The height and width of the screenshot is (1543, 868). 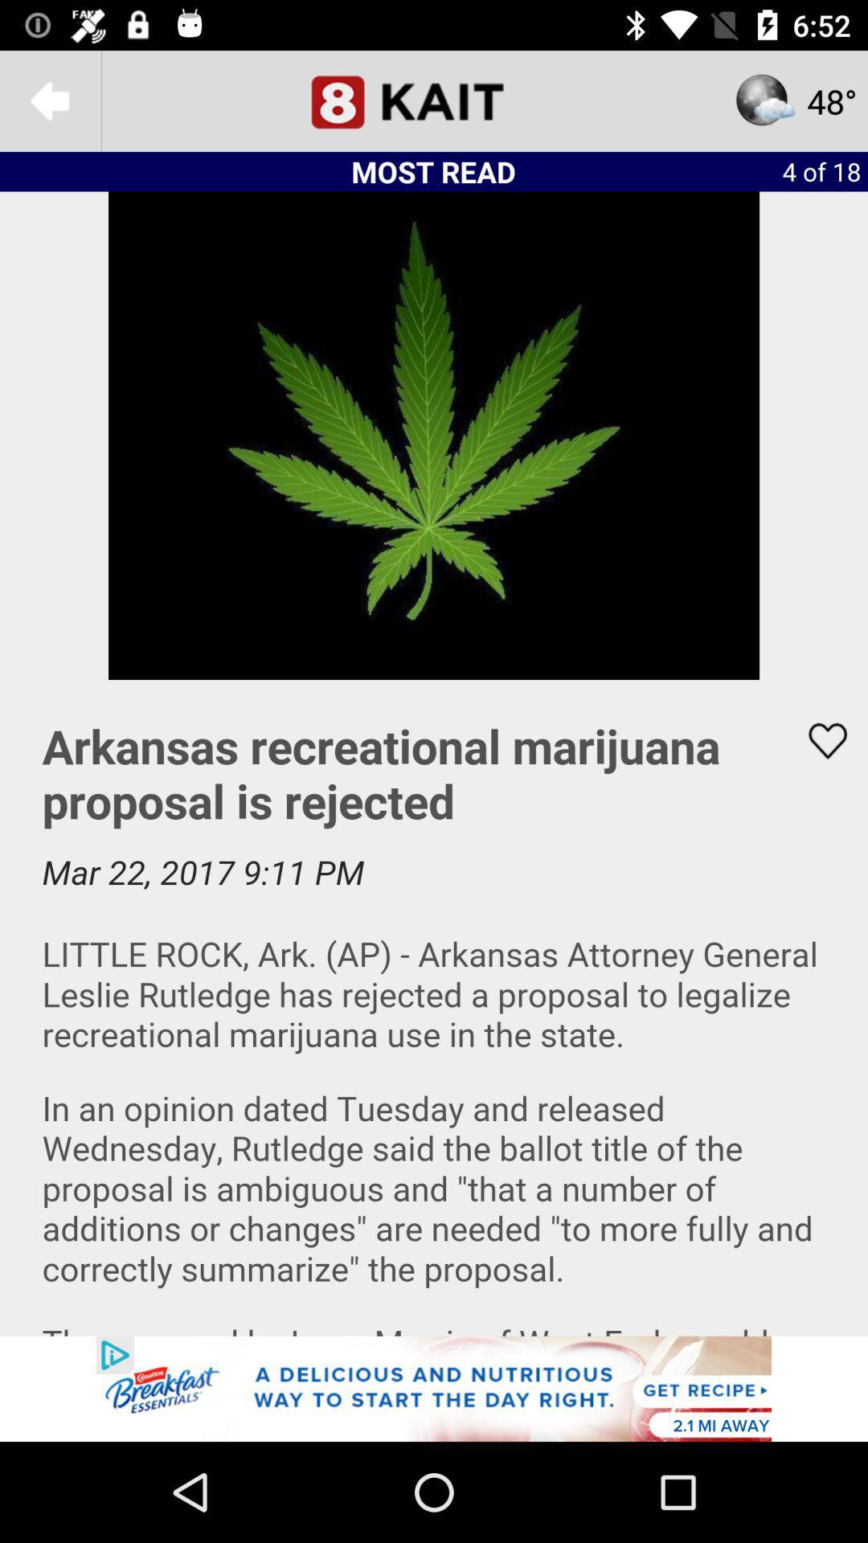 I want to click on favorite, so click(x=817, y=740).